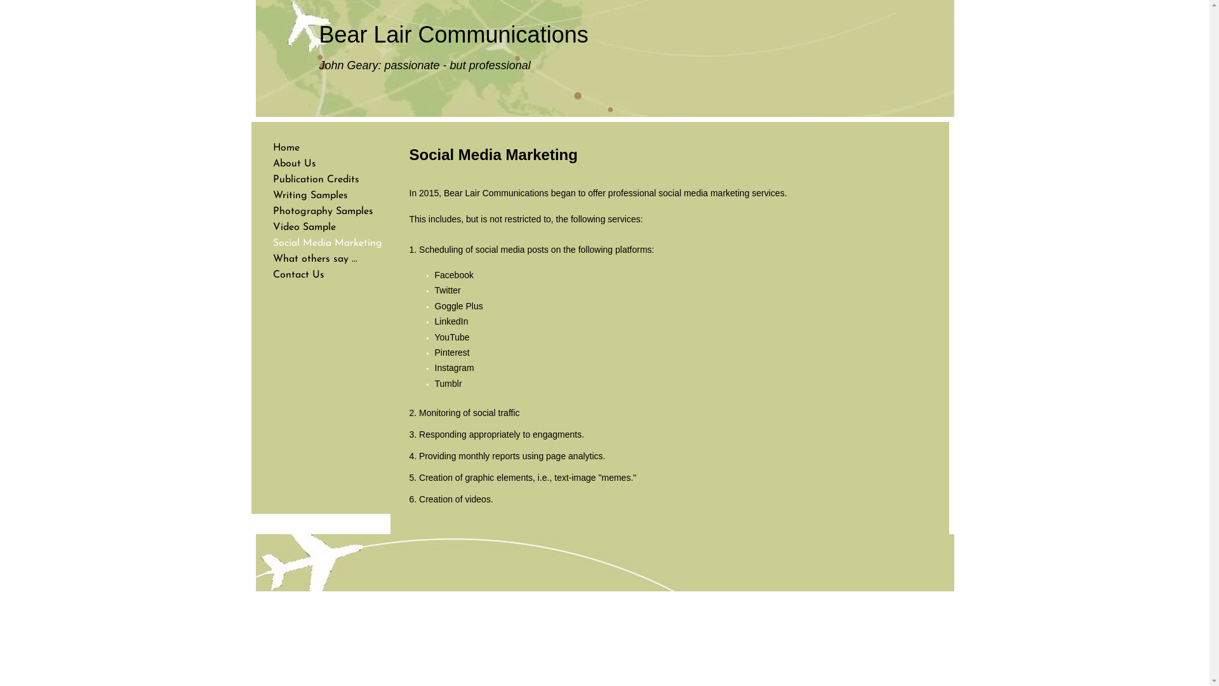 This screenshot has width=1219, height=686. Describe the element at coordinates (266, 243) in the screenshot. I see `'Social Media Marketing'` at that location.